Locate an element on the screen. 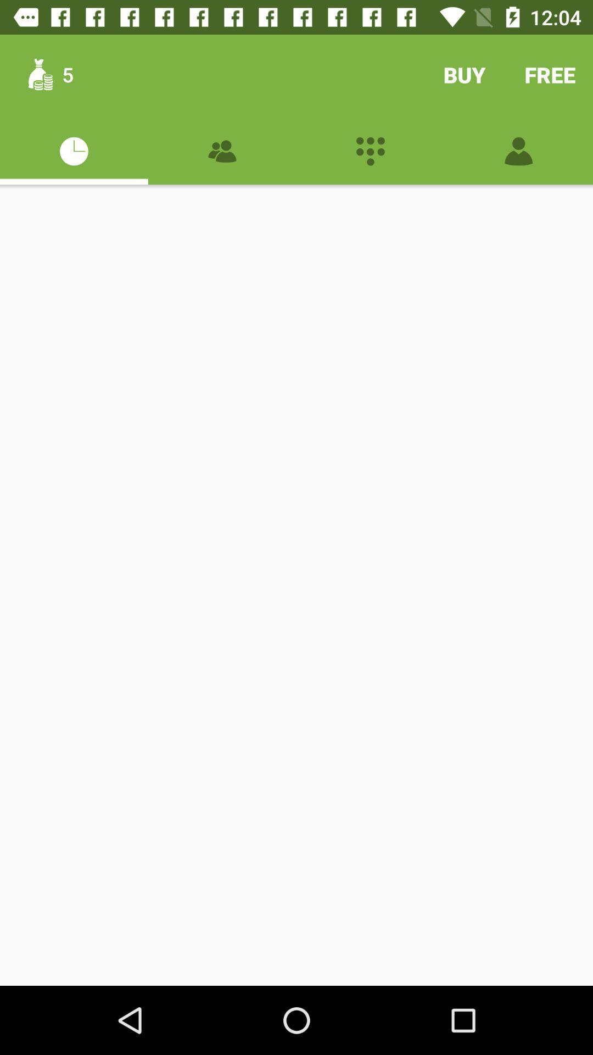 The height and width of the screenshot is (1055, 593). the icon next to buy item is located at coordinates (550, 74).